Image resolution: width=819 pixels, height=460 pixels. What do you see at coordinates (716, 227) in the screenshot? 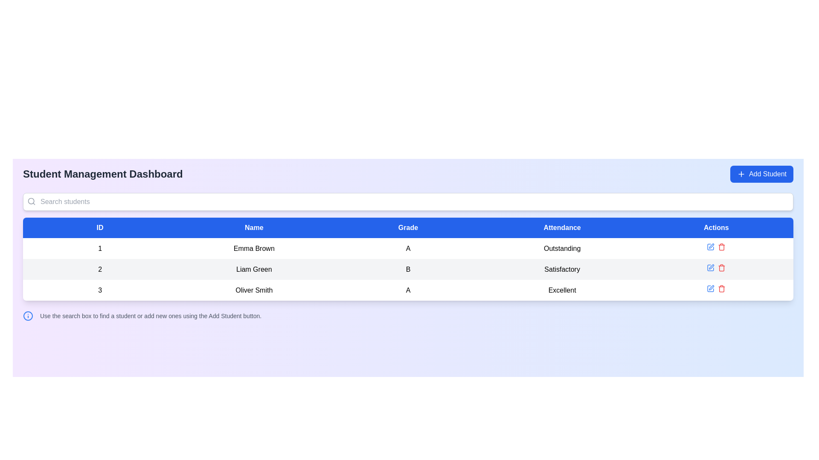
I see `the static text label indicating the 'Actions' column in the table, which is the fifth column header located to the right of the 'Attendance' column header` at bounding box center [716, 227].